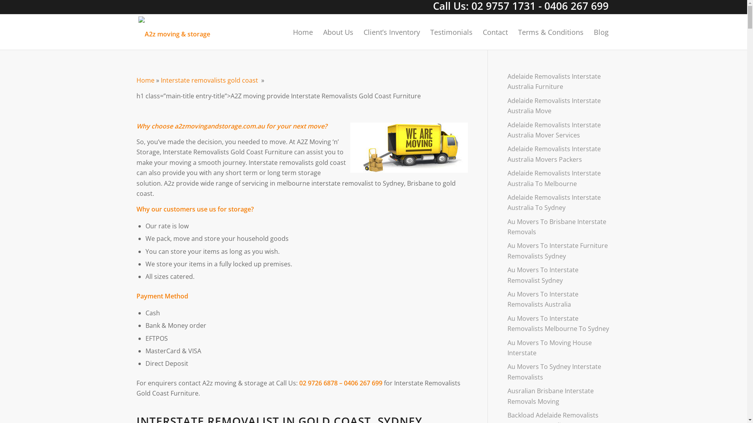 The height and width of the screenshot is (423, 753). I want to click on 'Adelaide Removalists Interstate Australia Furniture', so click(507, 81).